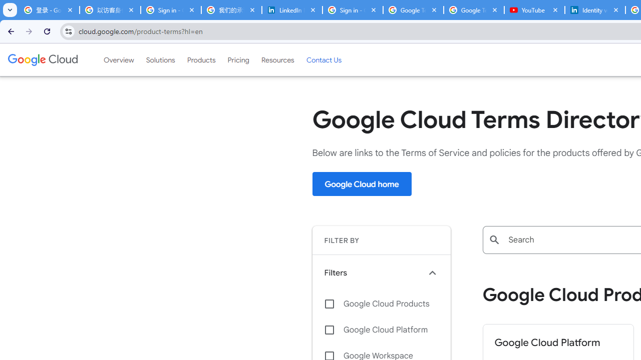 The height and width of the screenshot is (360, 641). I want to click on 'Sign in - Google Accounts', so click(353, 10).